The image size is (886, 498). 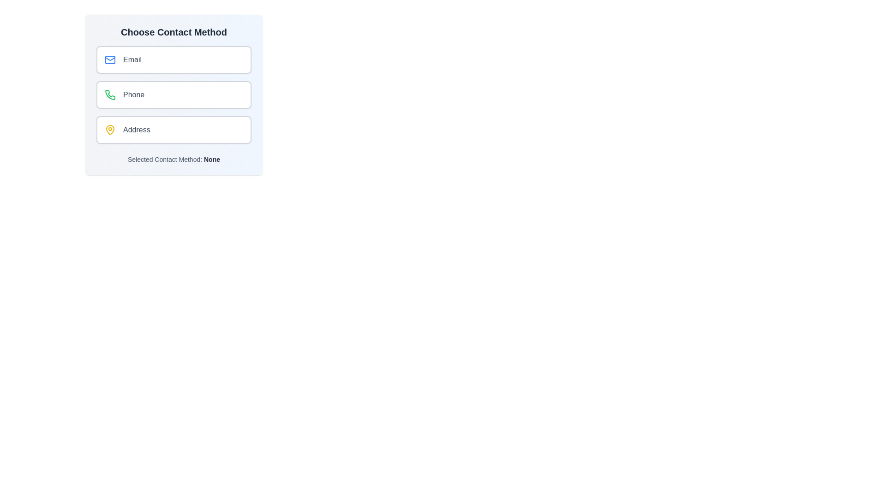 What do you see at coordinates (174, 95) in the screenshot?
I see `the contact method Phone by clicking on its corresponding chip` at bounding box center [174, 95].